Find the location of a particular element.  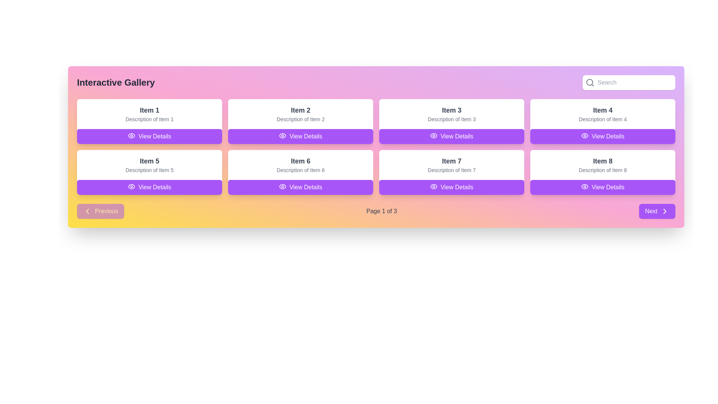

the 'View Details' button with a purple background and white text, located below 'Description of Item 4' in the 'Item 4' section is located at coordinates (603, 137).